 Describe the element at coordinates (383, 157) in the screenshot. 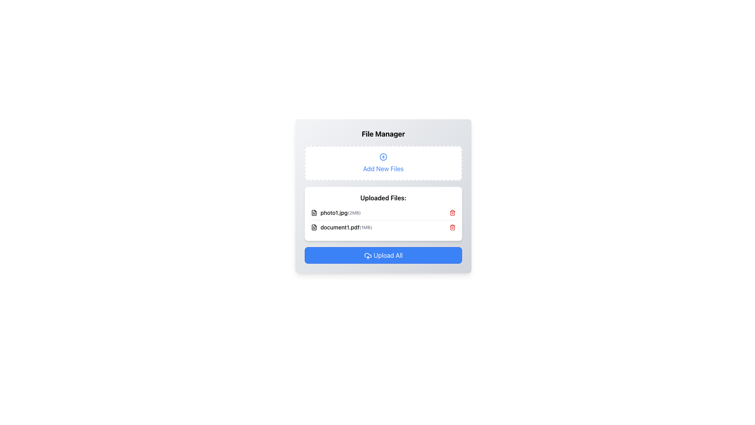

I see `the circular icon with a plus sign located in the 'Add New Files' section, which is centered horizontally near the top edge` at that location.